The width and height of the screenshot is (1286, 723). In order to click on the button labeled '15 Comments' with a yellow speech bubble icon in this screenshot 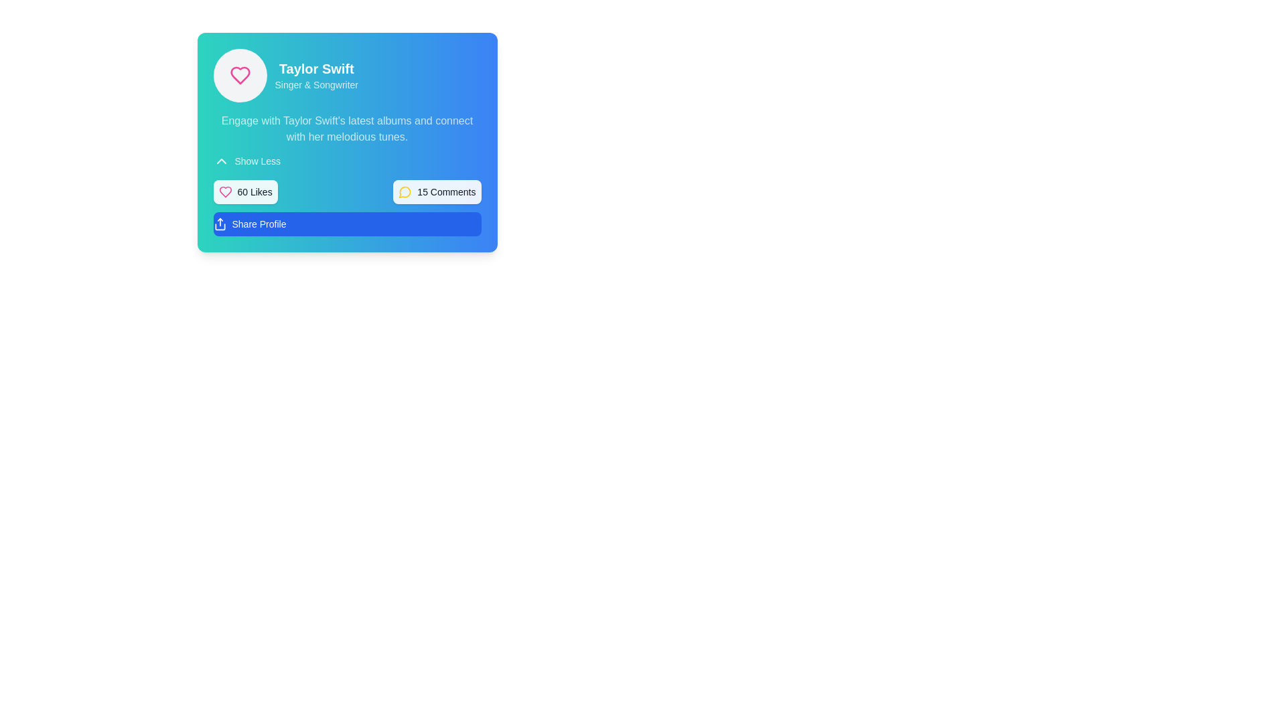, I will do `click(437, 191)`.